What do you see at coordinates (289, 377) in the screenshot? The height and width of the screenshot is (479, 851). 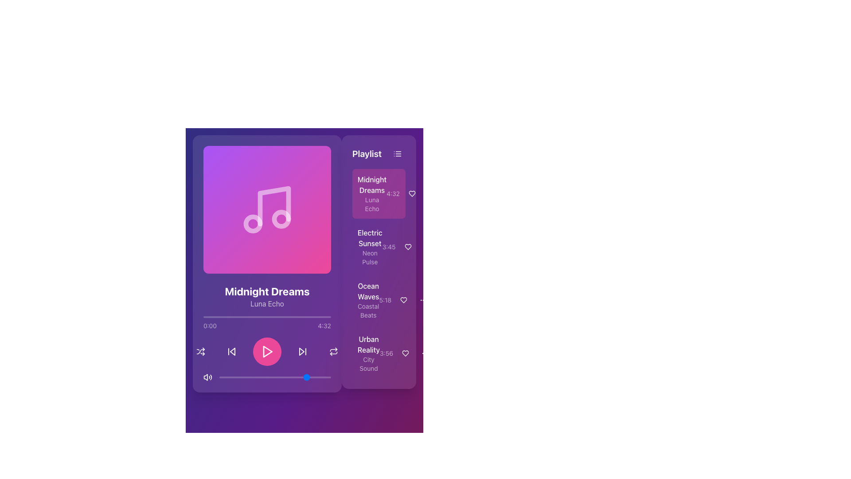 I see `the slider` at bounding box center [289, 377].